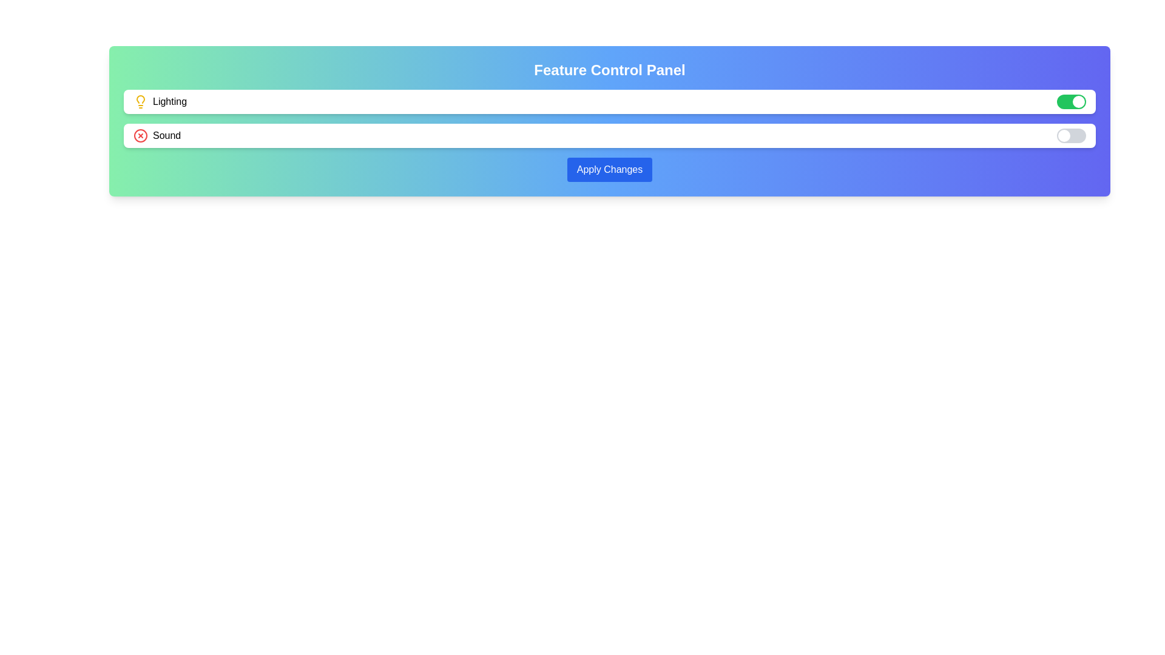  What do you see at coordinates (140, 101) in the screenshot?
I see `the stylized yellow lightbulb icon located to the immediate left of the 'Lighting' label in the first row of the control panel` at bounding box center [140, 101].